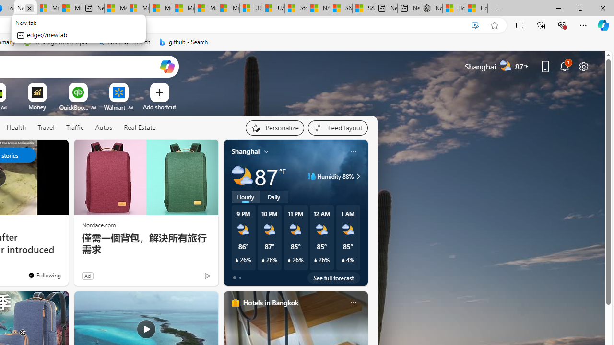  Describe the element at coordinates (476, 8) in the screenshot. I see `'How to Use a Monitor With Your Closed Laptop'` at that location.